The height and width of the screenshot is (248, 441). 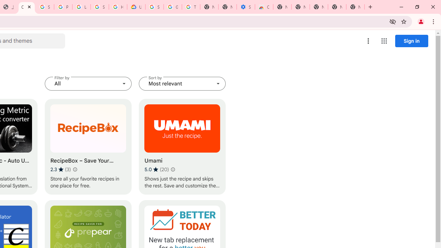 What do you see at coordinates (173, 7) in the screenshot?
I see `'Google Account Help'` at bounding box center [173, 7].